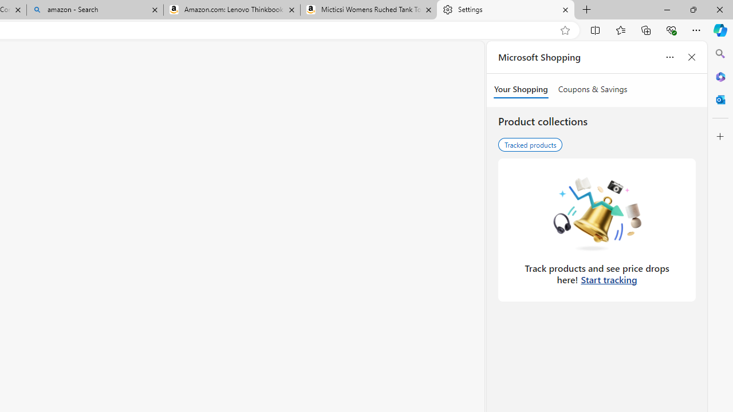 The height and width of the screenshot is (412, 733). I want to click on 'amazon - Search', so click(95, 10).